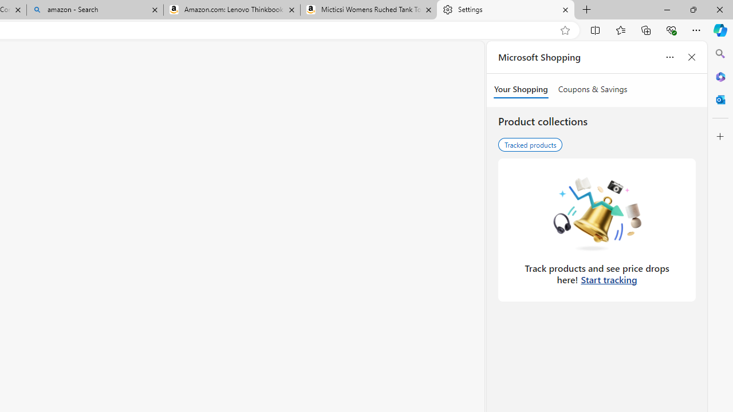 The height and width of the screenshot is (412, 733). I want to click on 'amazon - Search', so click(95, 10).